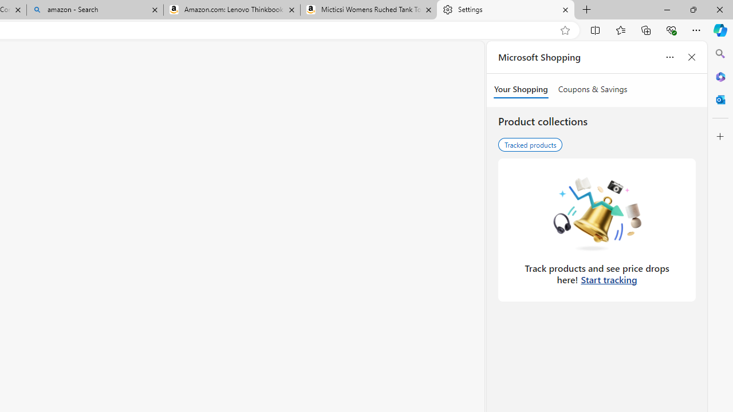 The height and width of the screenshot is (412, 733). I want to click on 'amazon - Search', so click(95, 10).